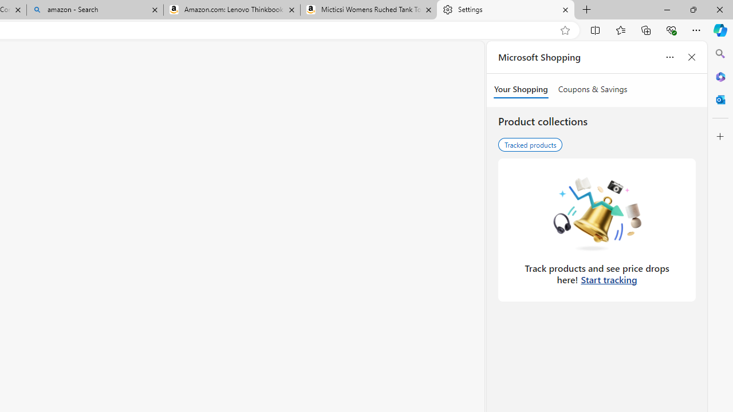 The height and width of the screenshot is (412, 733). I want to click on 'amazon - Search', so click(95, 10).